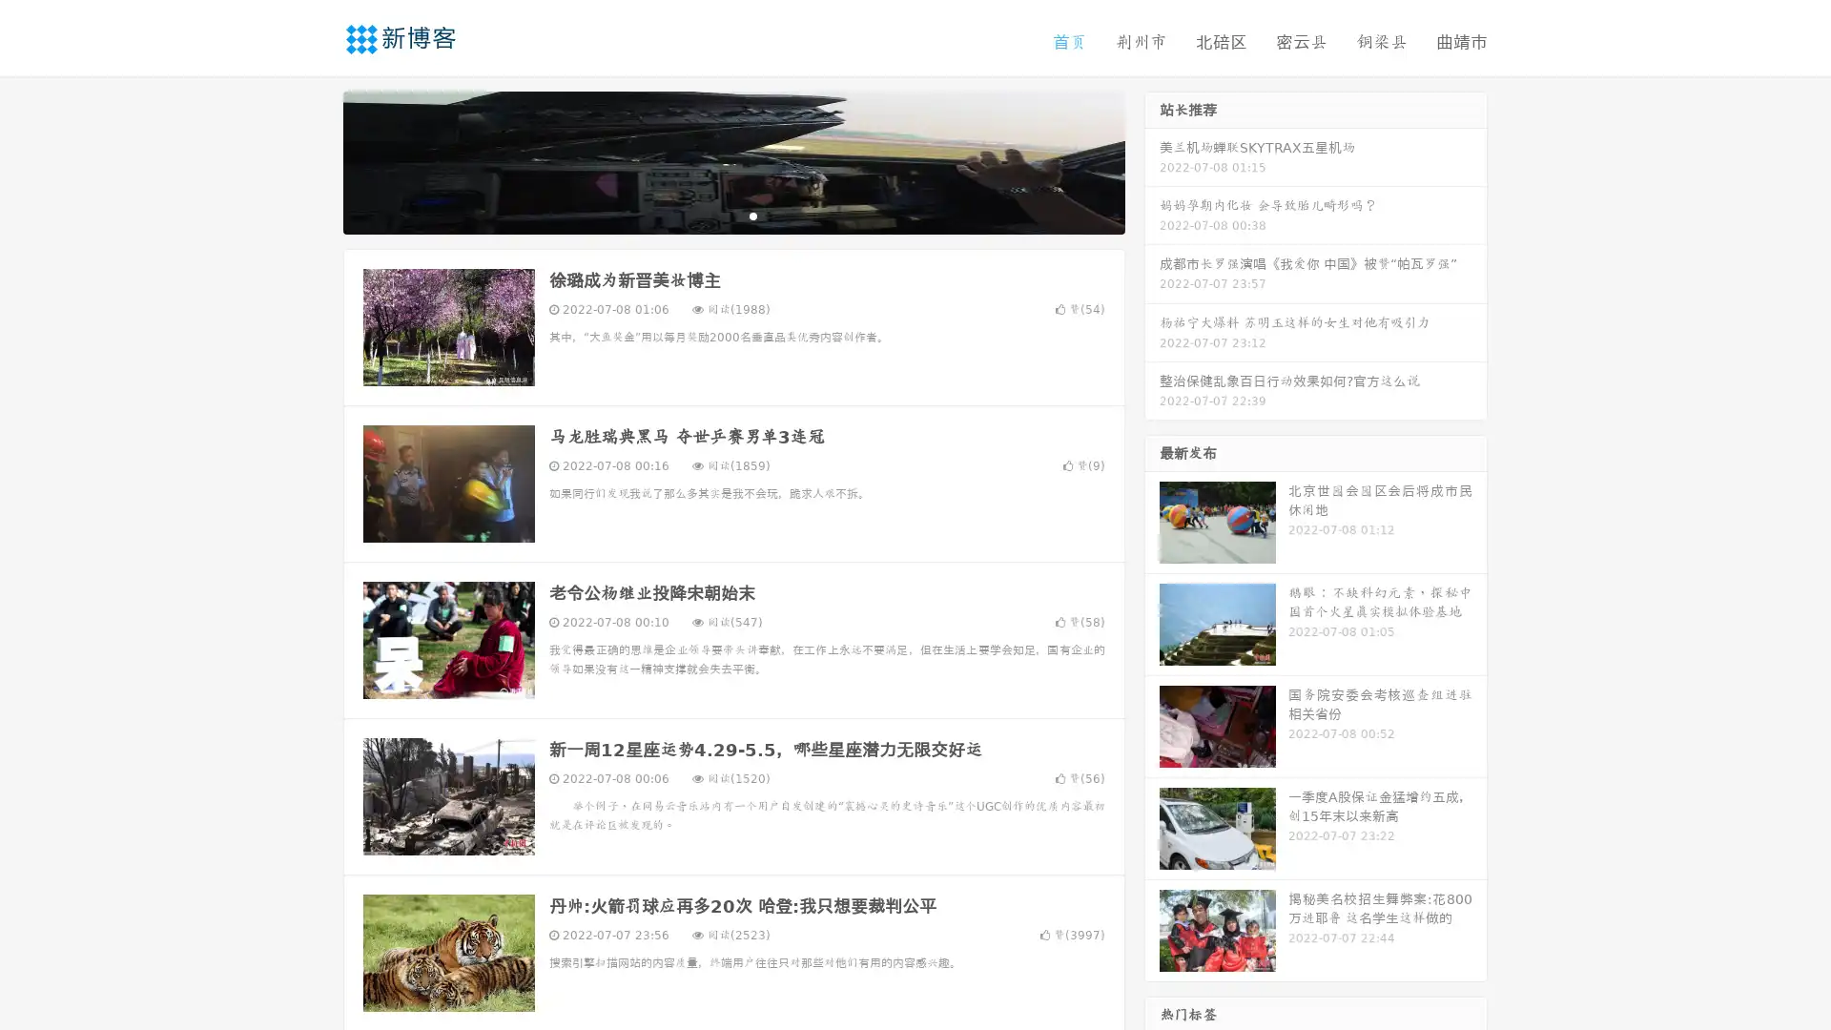 The height and width of the screenshot is (1030, 1831). Describe the element at coordinates (1152, 160) in the screenshot. I see `Next slide` at that location.